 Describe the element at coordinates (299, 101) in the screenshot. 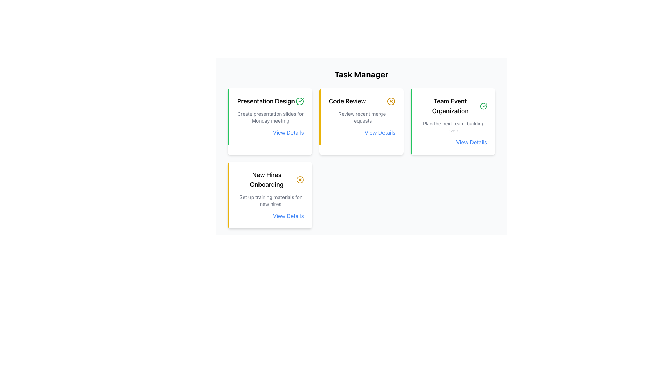

I see `the completion icon for the 'Presentation Design' task in the Task Manager interface, located to the right of the task text` at that location.